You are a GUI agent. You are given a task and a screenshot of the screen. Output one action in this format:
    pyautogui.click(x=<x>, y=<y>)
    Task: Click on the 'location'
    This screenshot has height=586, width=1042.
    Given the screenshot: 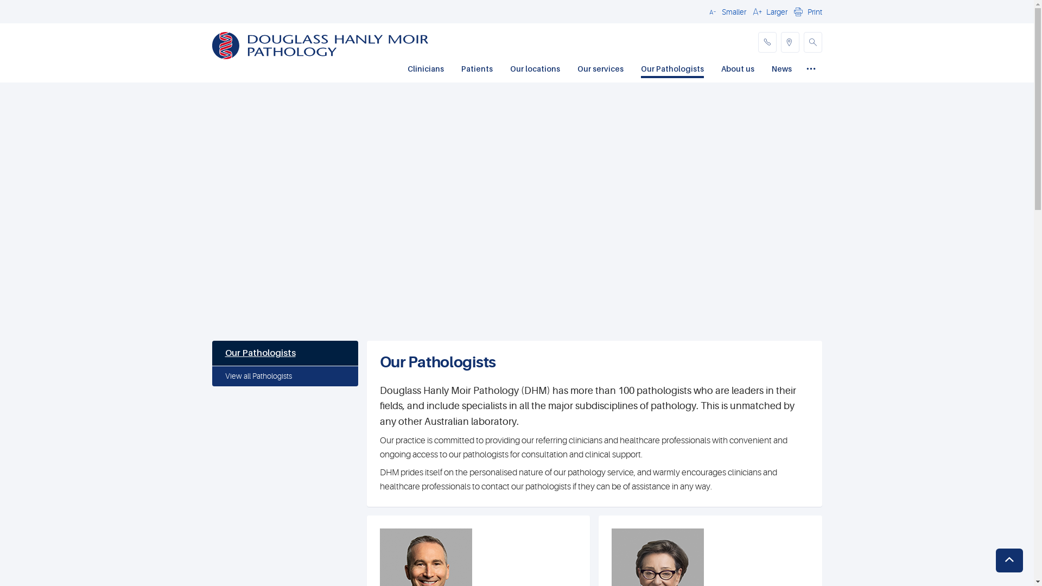 What is the action you would take?
    pyautogui.click(x=789, y=41)
    